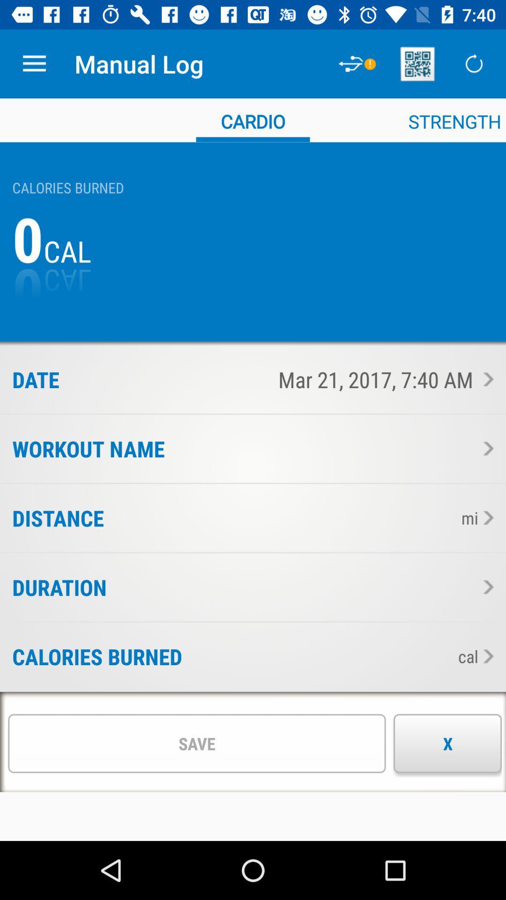  What do you see at coordinates (279, 517) in the screenshot?
I see `icon to the right of distance` at bounding box center [279, 517].